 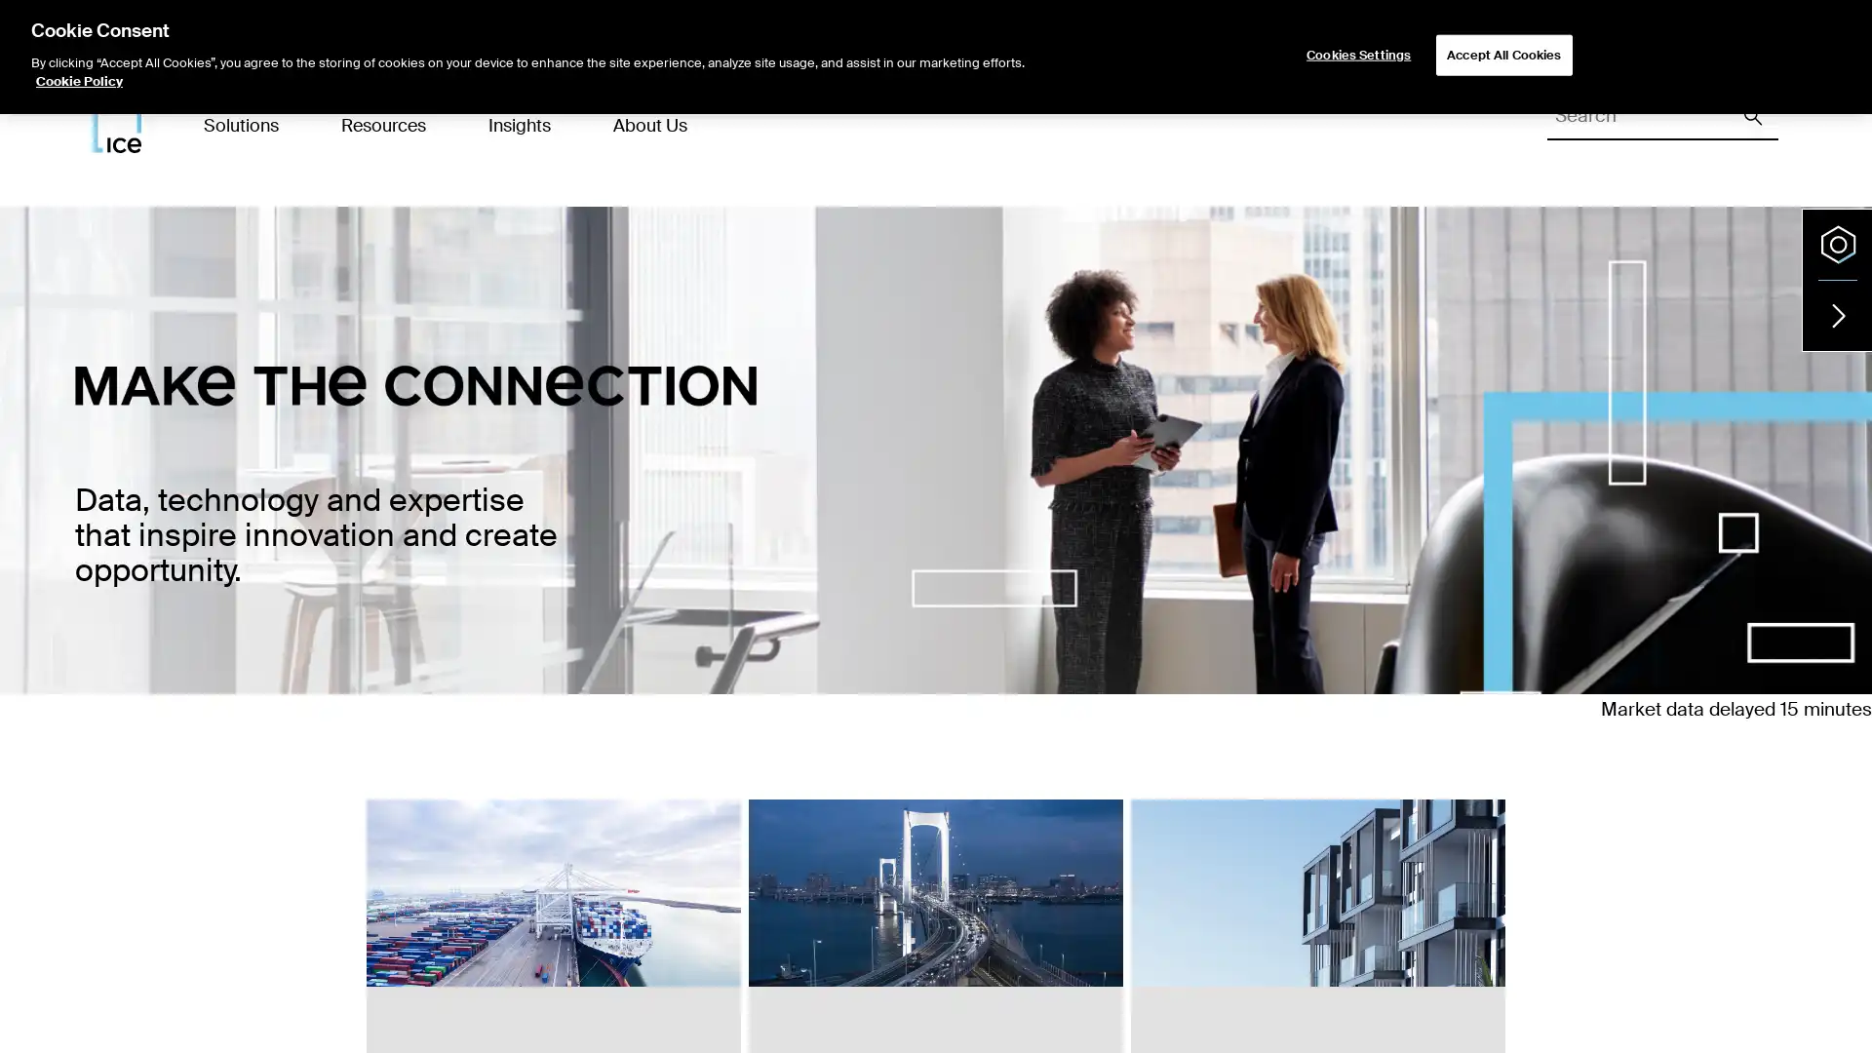 I want to click on Insights, so click(x=519, y=128).